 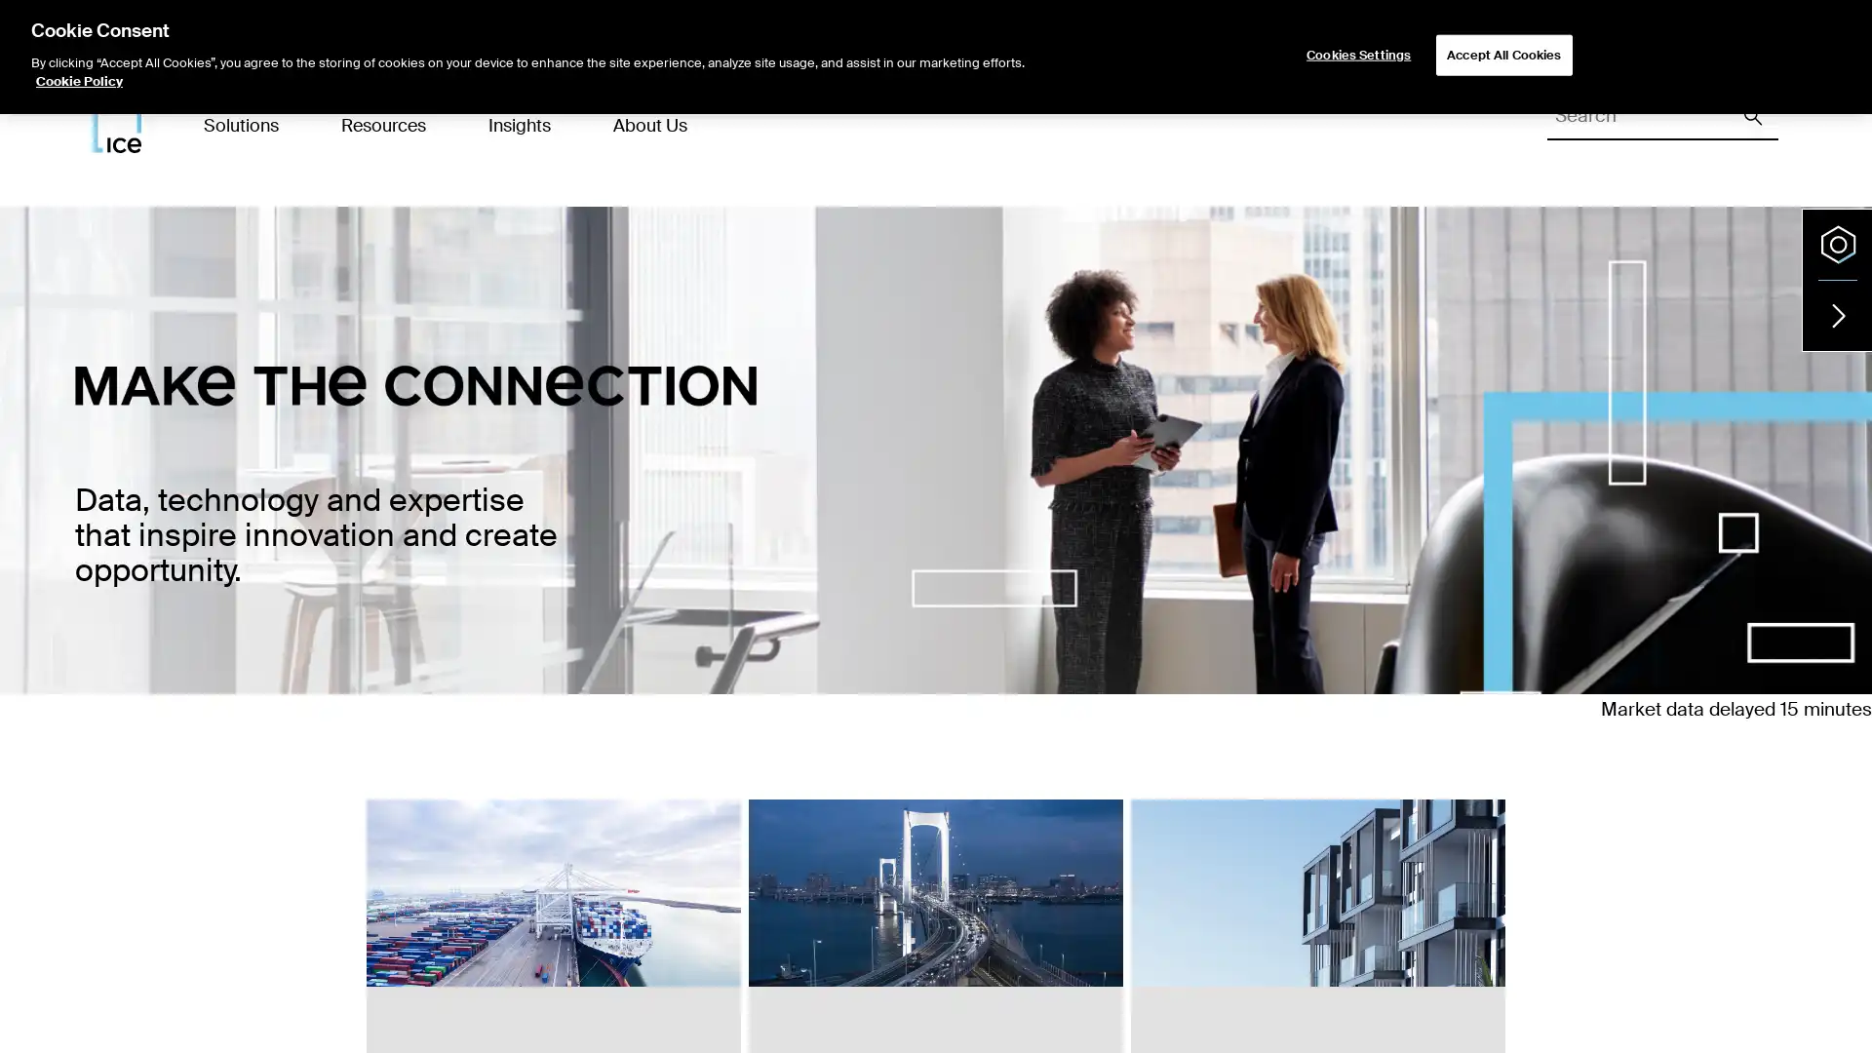 I want to click on Insights, so click(x=519, y=128).